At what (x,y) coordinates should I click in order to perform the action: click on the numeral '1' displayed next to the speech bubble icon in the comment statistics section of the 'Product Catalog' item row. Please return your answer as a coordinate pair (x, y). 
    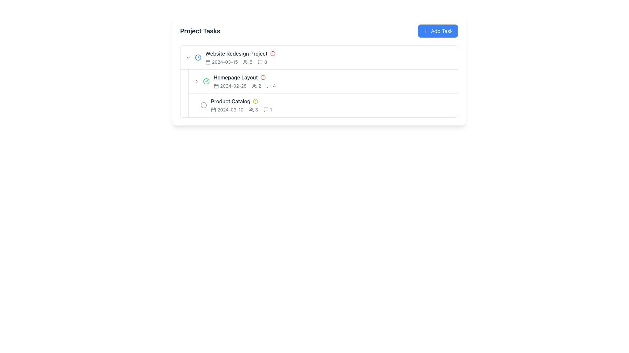
    Looking at the image, I should click on (271, 109).